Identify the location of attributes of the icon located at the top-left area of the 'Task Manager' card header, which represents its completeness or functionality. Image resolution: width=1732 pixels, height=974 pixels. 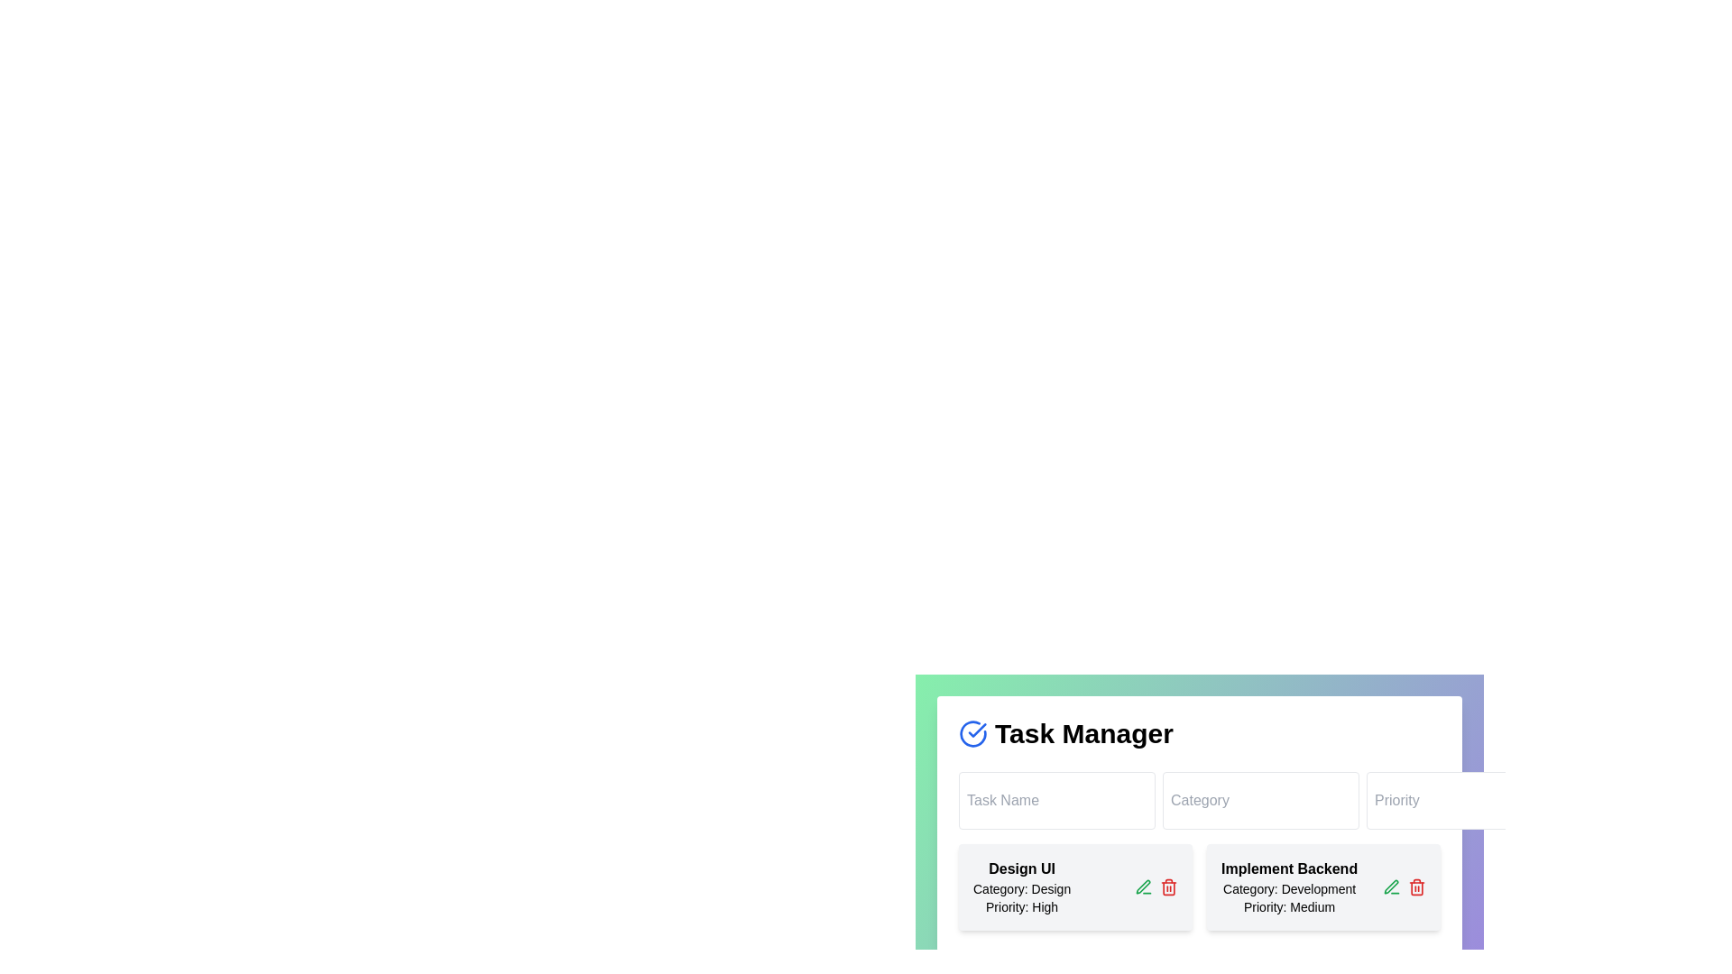
(972, 733).